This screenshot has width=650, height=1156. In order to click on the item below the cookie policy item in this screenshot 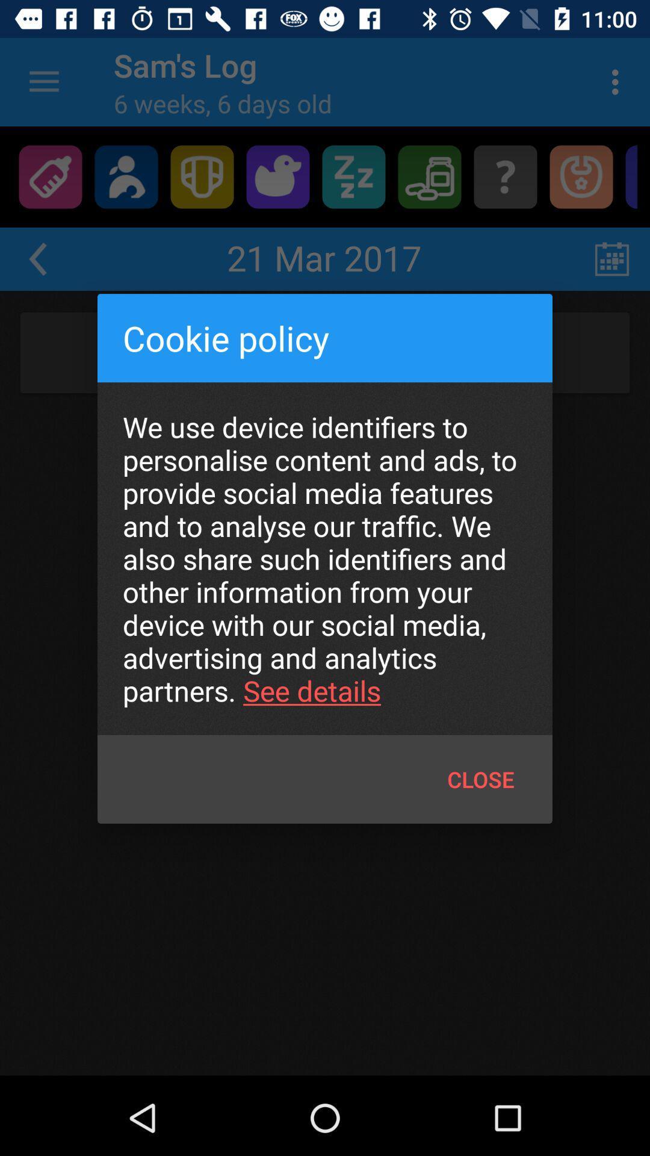, I will do `click(325, 558)`.